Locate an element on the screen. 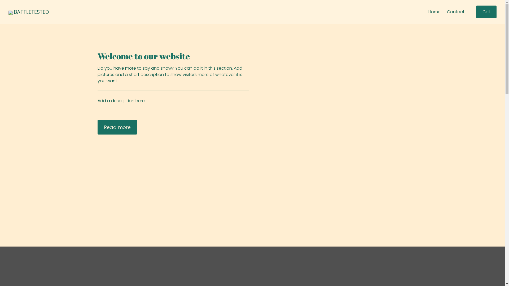  'Call' is located at coordinates (486, 12).